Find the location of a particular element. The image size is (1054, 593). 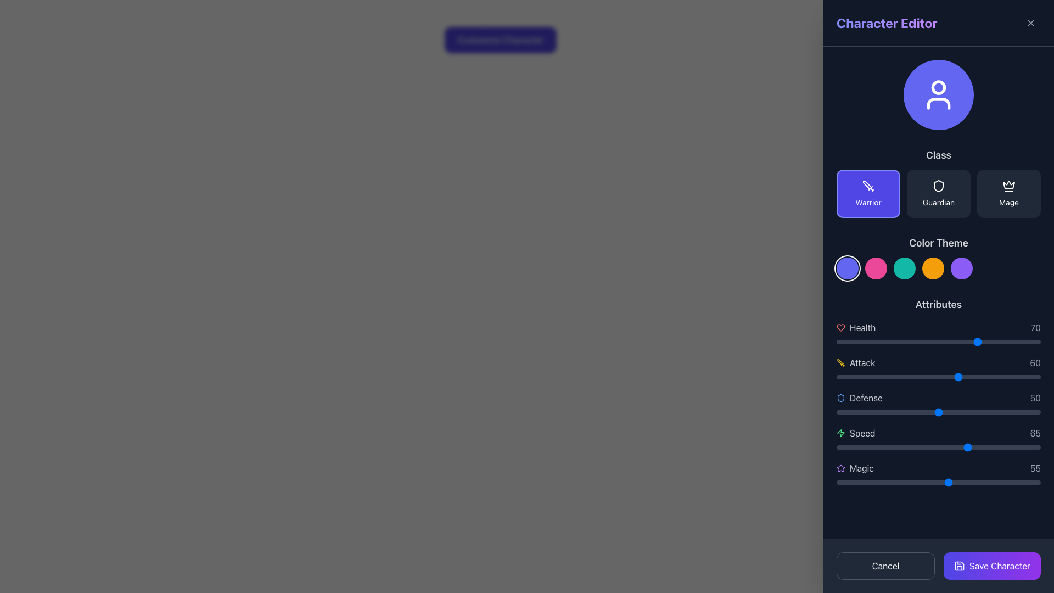

health level is located at coordinates (838, 342).